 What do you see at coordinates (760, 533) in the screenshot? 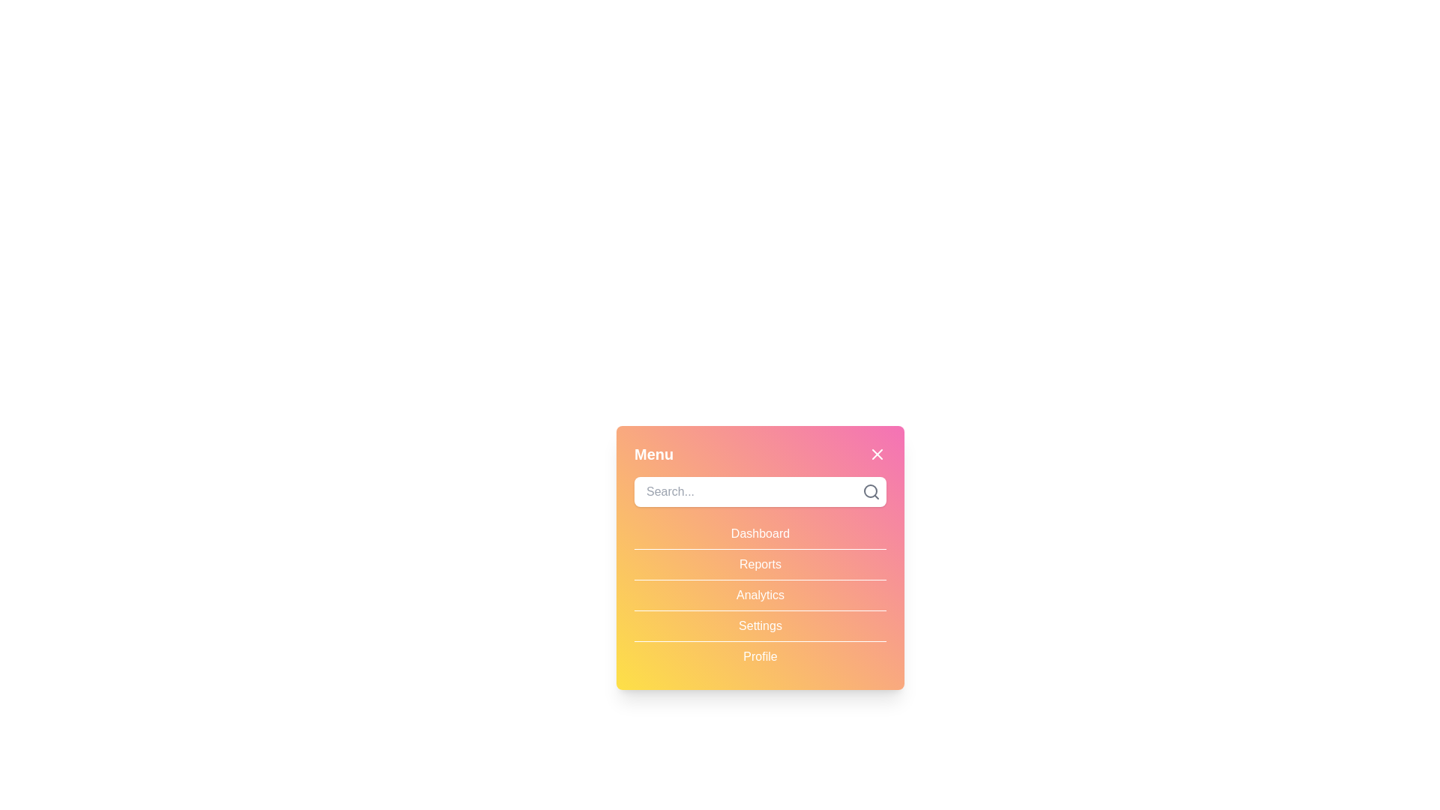
I see `the menu item Dashboard to observe hover effects` at bounding box center [760, 533].